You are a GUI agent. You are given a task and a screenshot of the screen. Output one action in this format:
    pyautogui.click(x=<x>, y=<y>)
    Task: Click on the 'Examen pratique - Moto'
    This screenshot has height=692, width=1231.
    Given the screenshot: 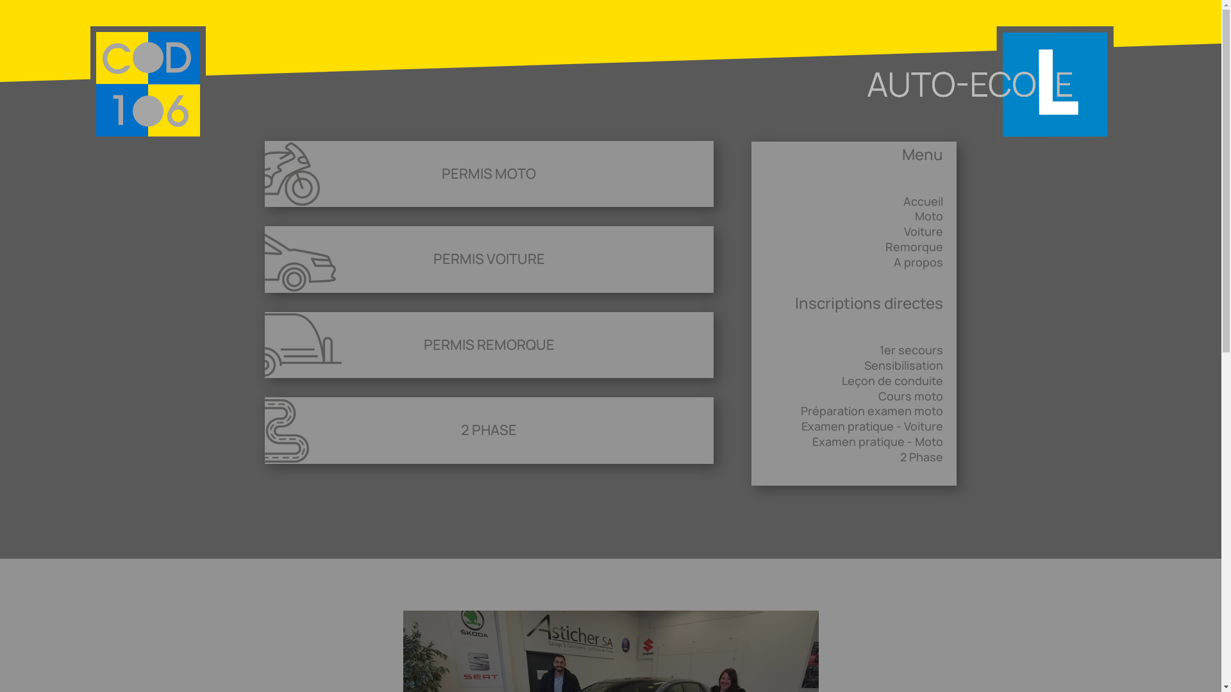 What is the action you would take?
    pyautogui.click(x=876, y=441)
    